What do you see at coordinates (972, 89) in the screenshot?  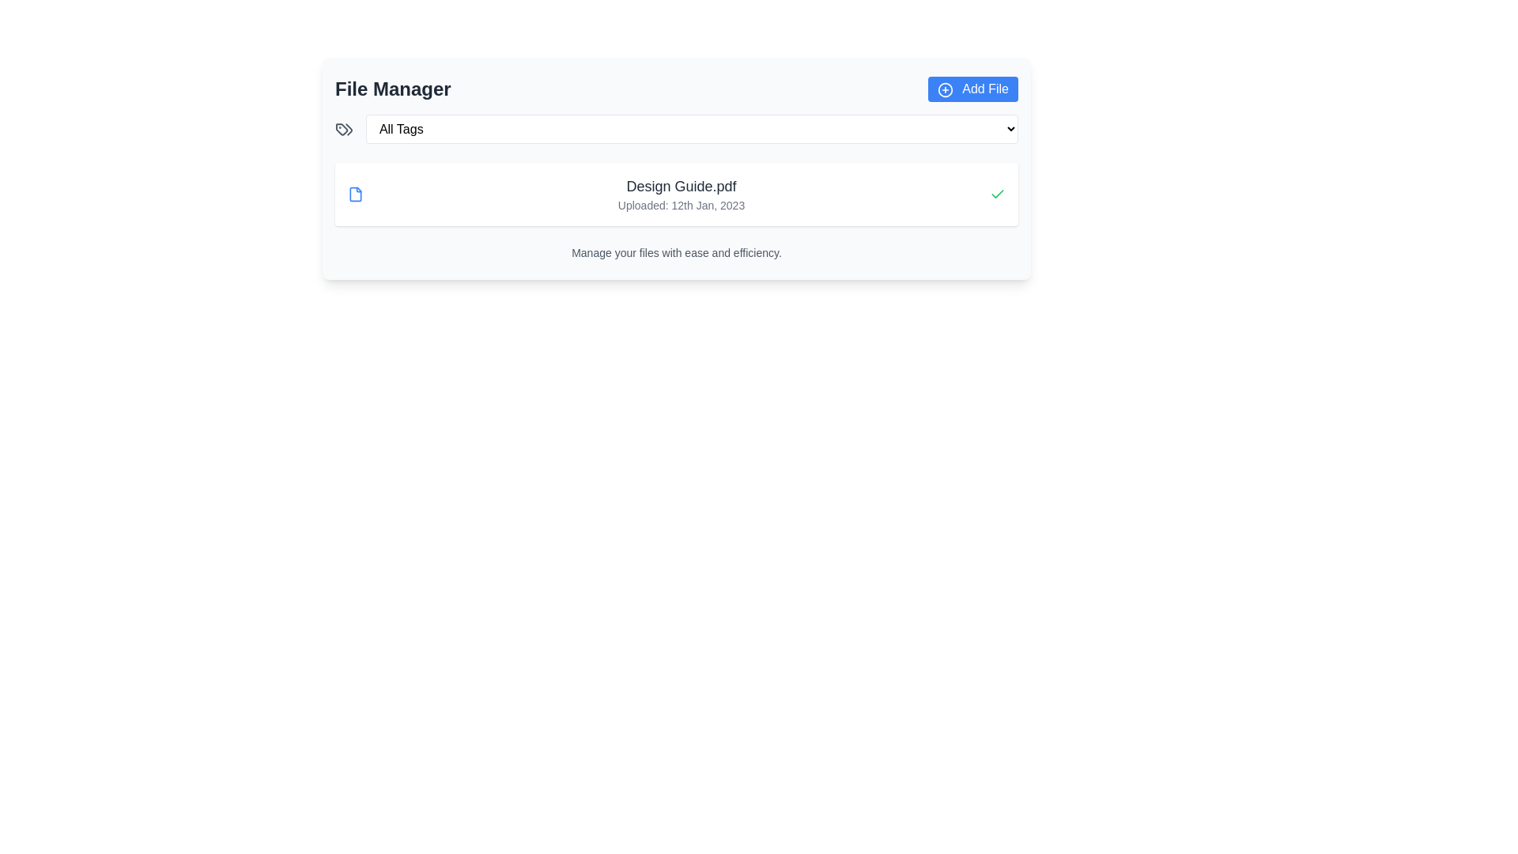 I see `the 'Add File' button, which has a blue background and white text with a plus icon, located in the upper-right corner of the File Manager header` at bounding box center [972, 89].